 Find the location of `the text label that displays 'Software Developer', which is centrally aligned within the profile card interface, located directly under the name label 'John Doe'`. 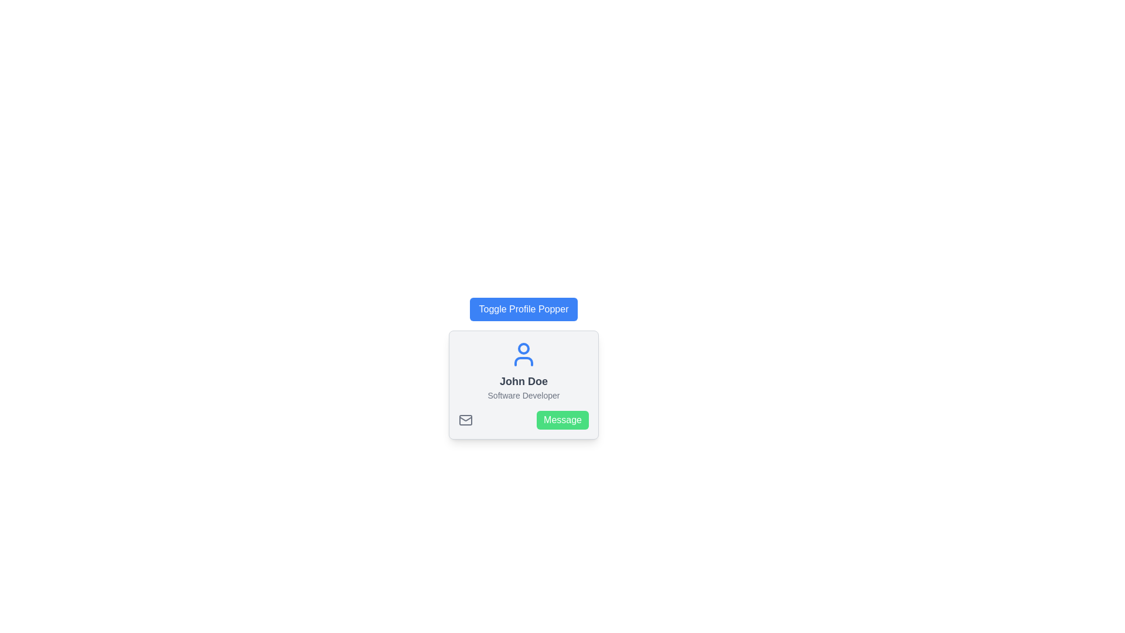

the text label that displays 'Software Developer', which is centrally aligned within the profile card interface, located directly under the name label 'John Doe' is located at coordinates (523, 396).